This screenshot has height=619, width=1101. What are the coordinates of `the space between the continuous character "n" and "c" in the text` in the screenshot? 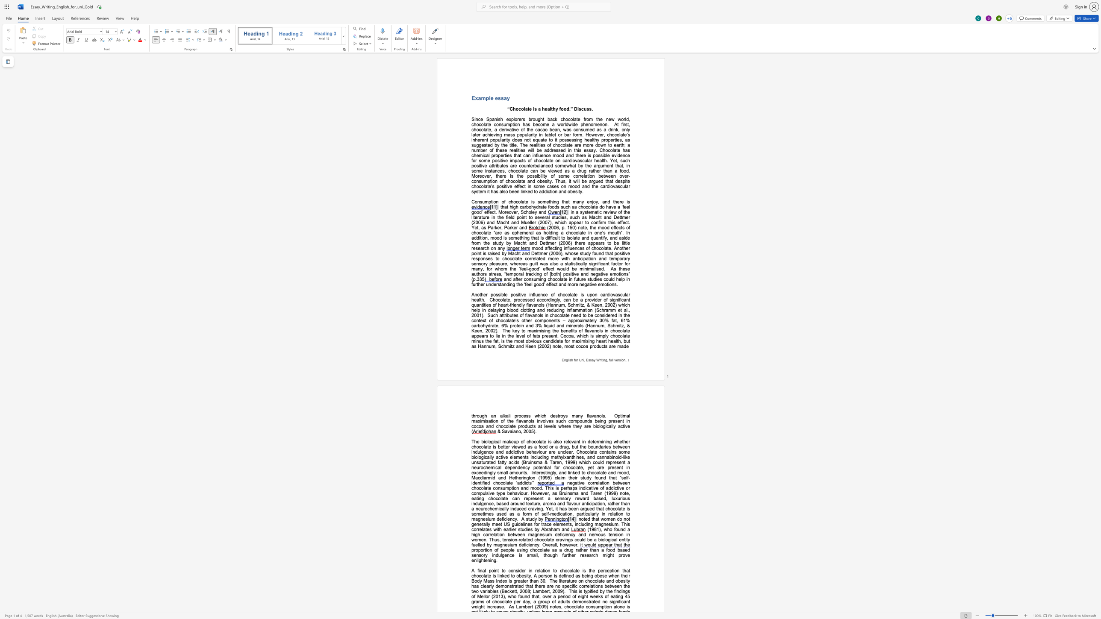 It's located at (624, 155).